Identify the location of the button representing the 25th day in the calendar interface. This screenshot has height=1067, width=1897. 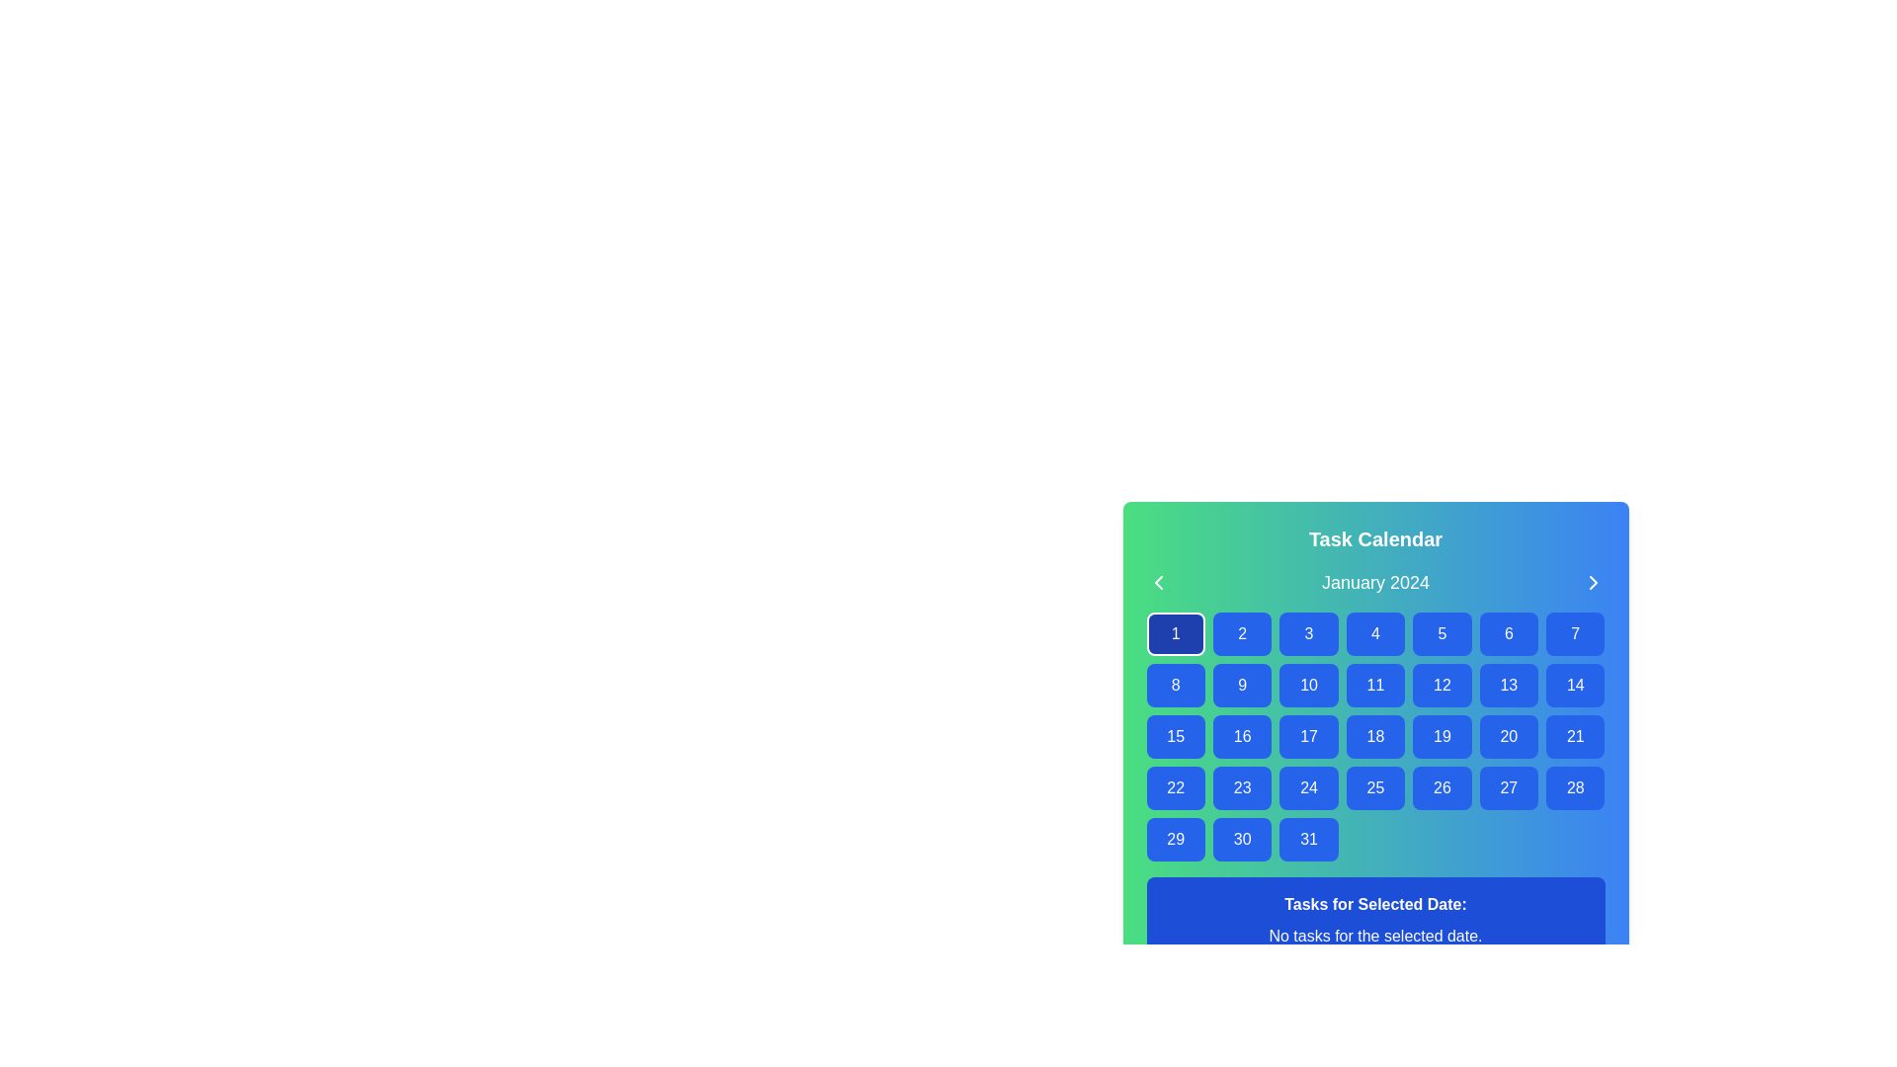
(1374, 787).